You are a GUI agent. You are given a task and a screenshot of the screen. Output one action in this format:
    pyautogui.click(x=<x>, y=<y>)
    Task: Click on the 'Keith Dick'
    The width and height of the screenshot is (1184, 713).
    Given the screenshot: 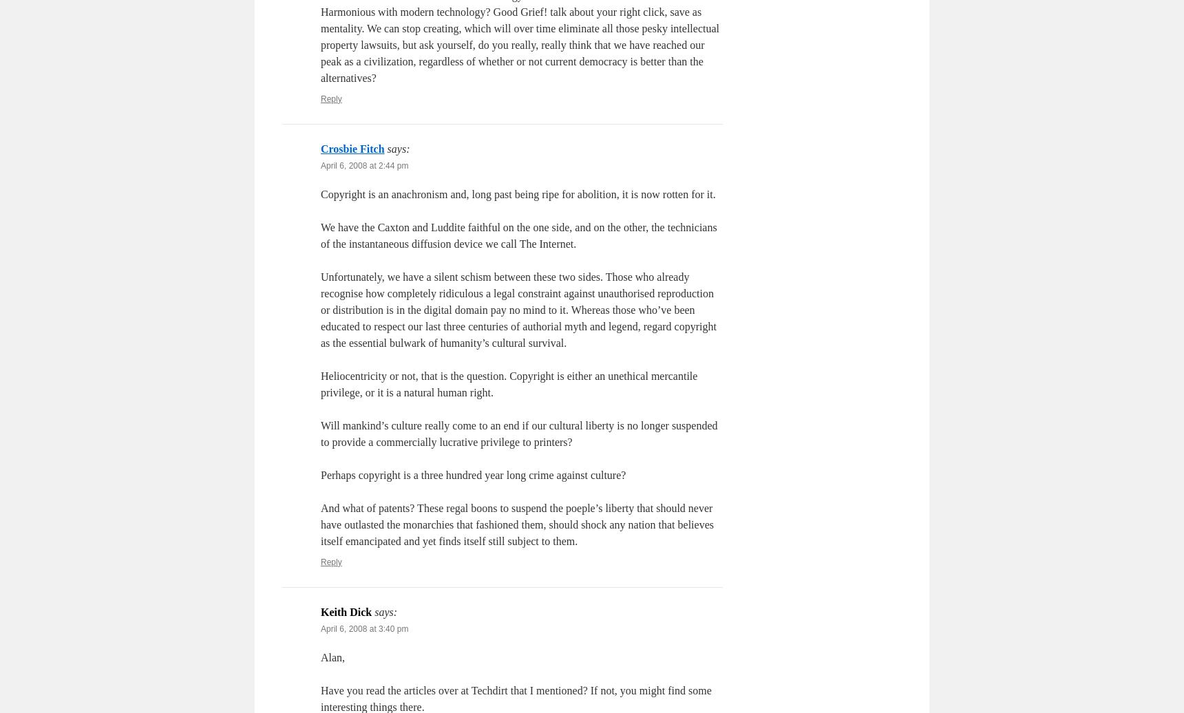 What is the action you would take?
    pyautogui.click(x=345, y=611)
    